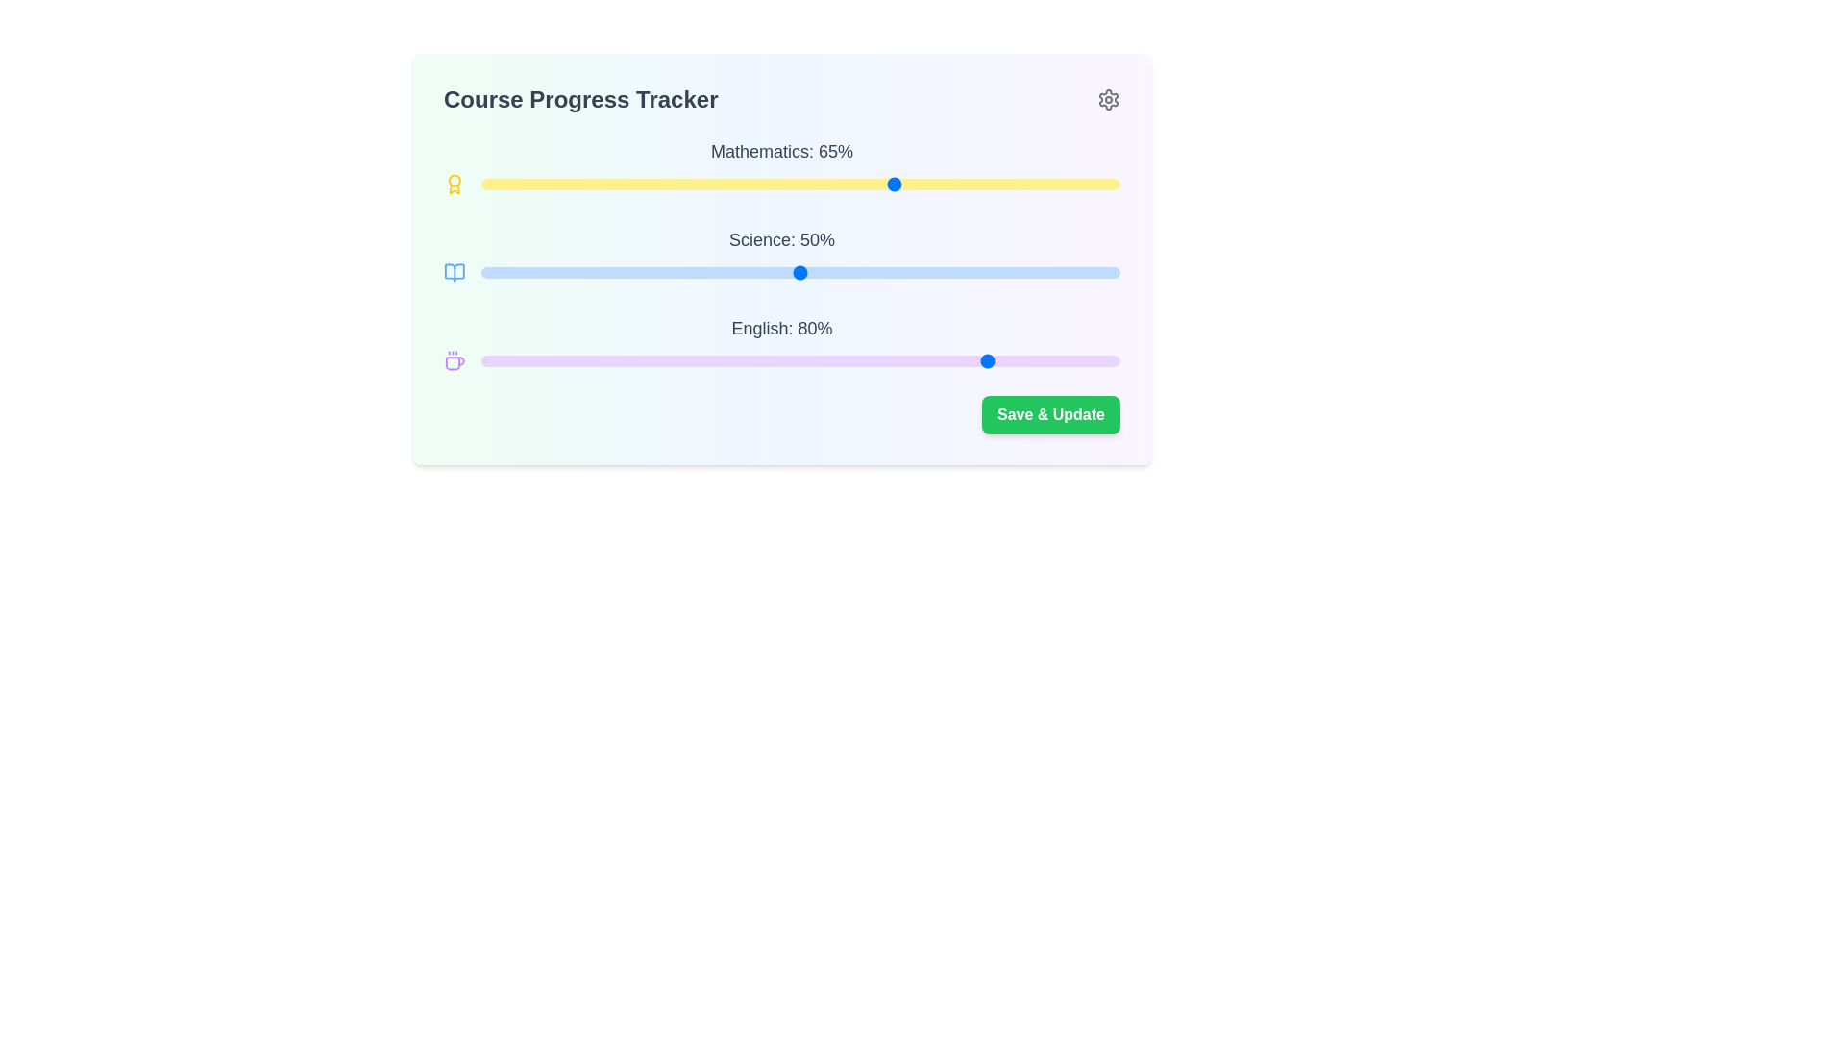 This screenshot has width=1845, height=1038. Describe the element at coordinates (825, 185) in the screenshot. I see `the mathematics progress` at that location.